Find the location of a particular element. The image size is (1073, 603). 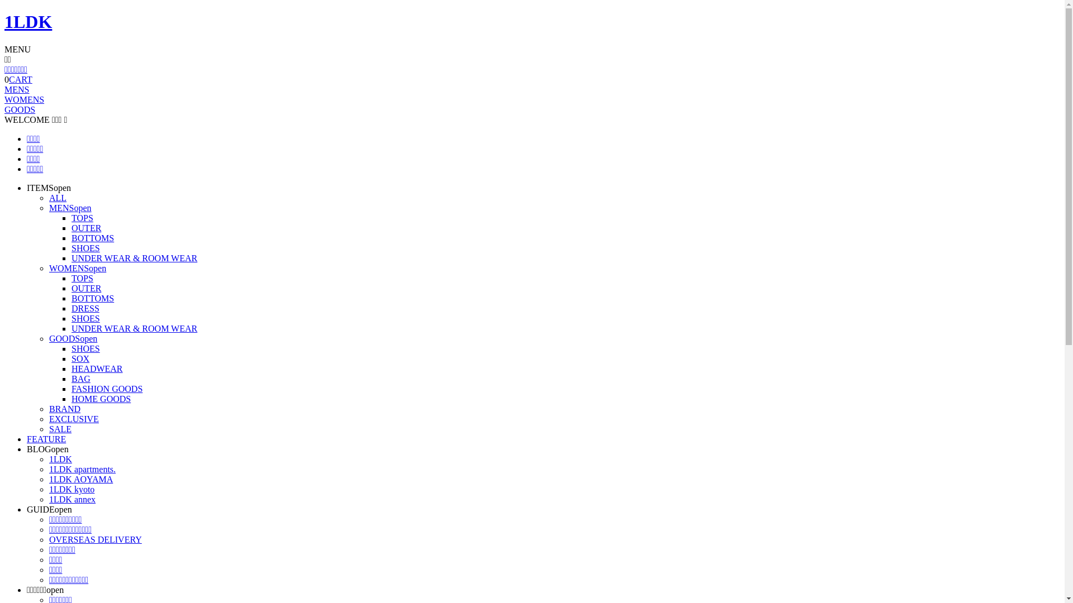

'HOME GOODS' is located at coordinates (71, 398).